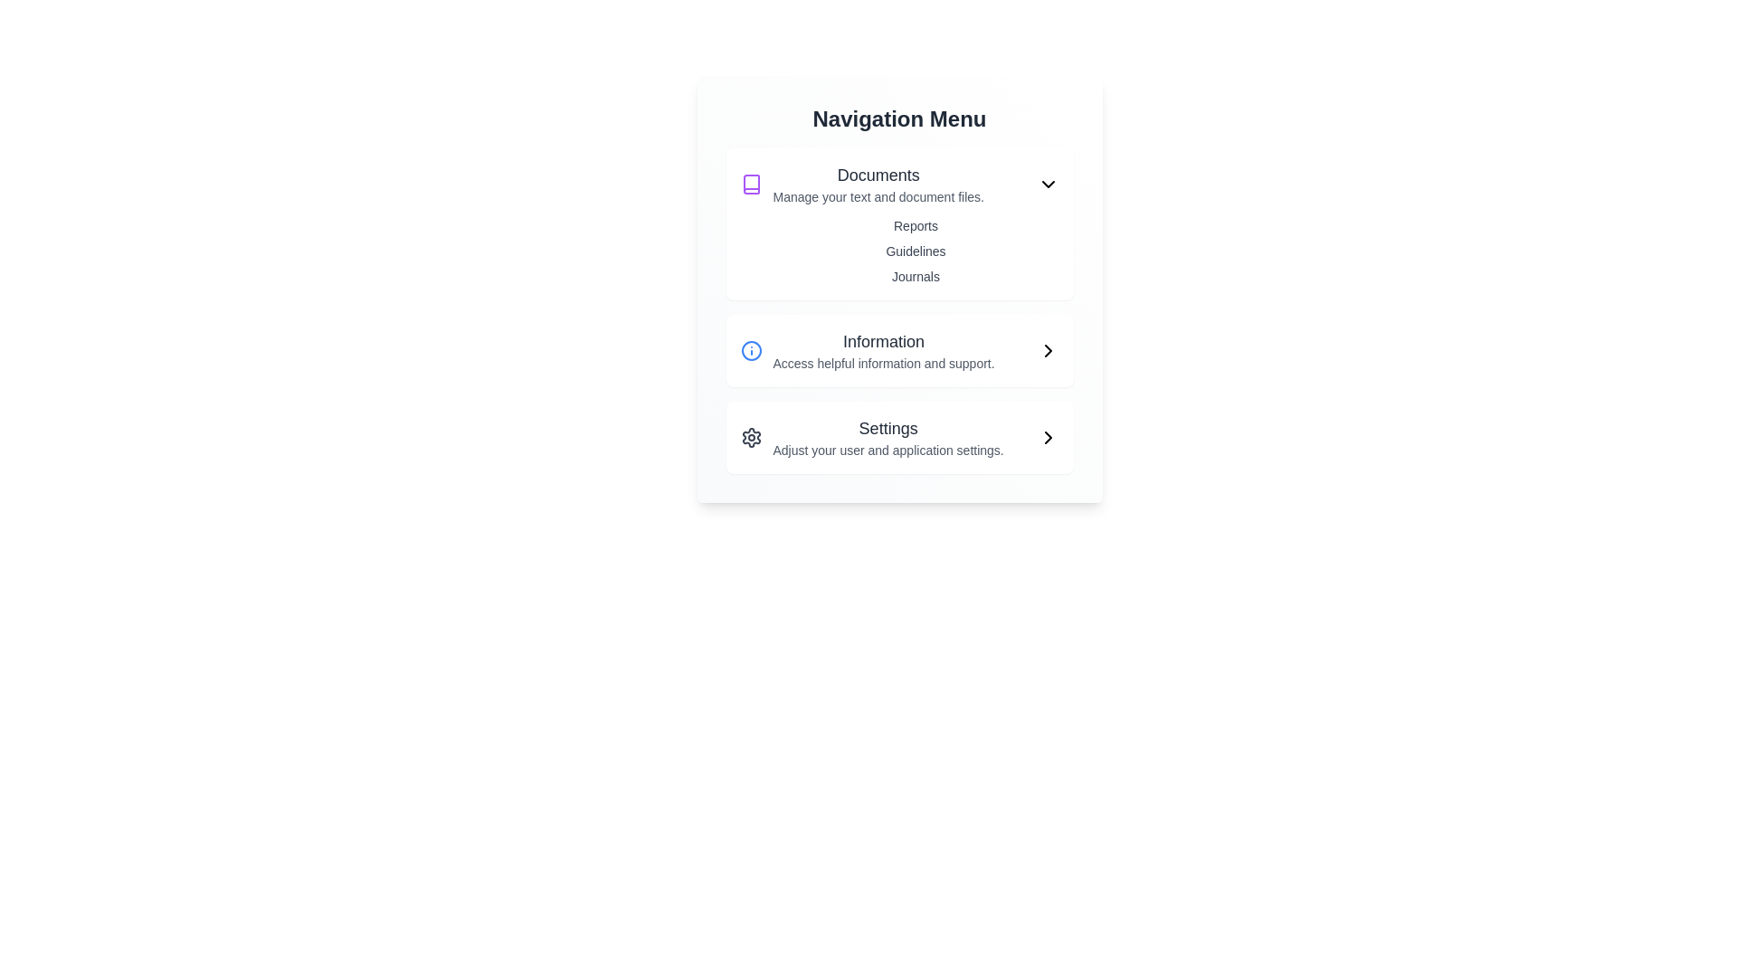  I want to click on the descriptive text label located directly below the 'Documents' heading, which provides additional context about the 'Documents' section, so click(878, 197).